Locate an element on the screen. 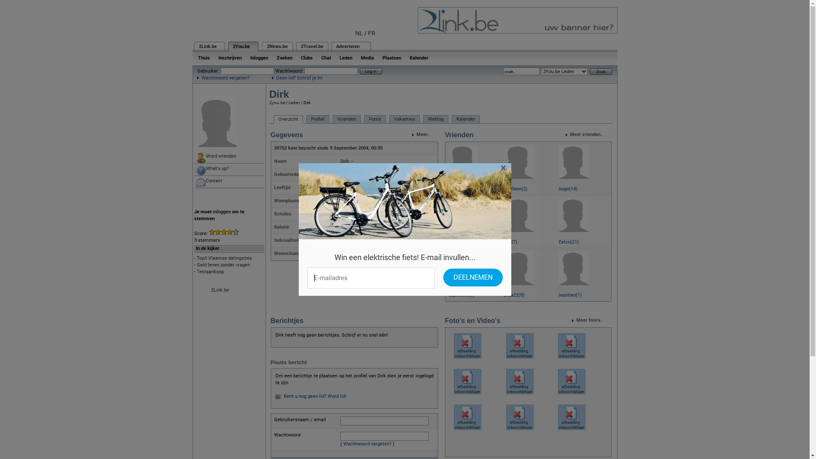 The width and height of the screenshot is (816, 459). '2Link.be' is located at coordinates (220, 289).